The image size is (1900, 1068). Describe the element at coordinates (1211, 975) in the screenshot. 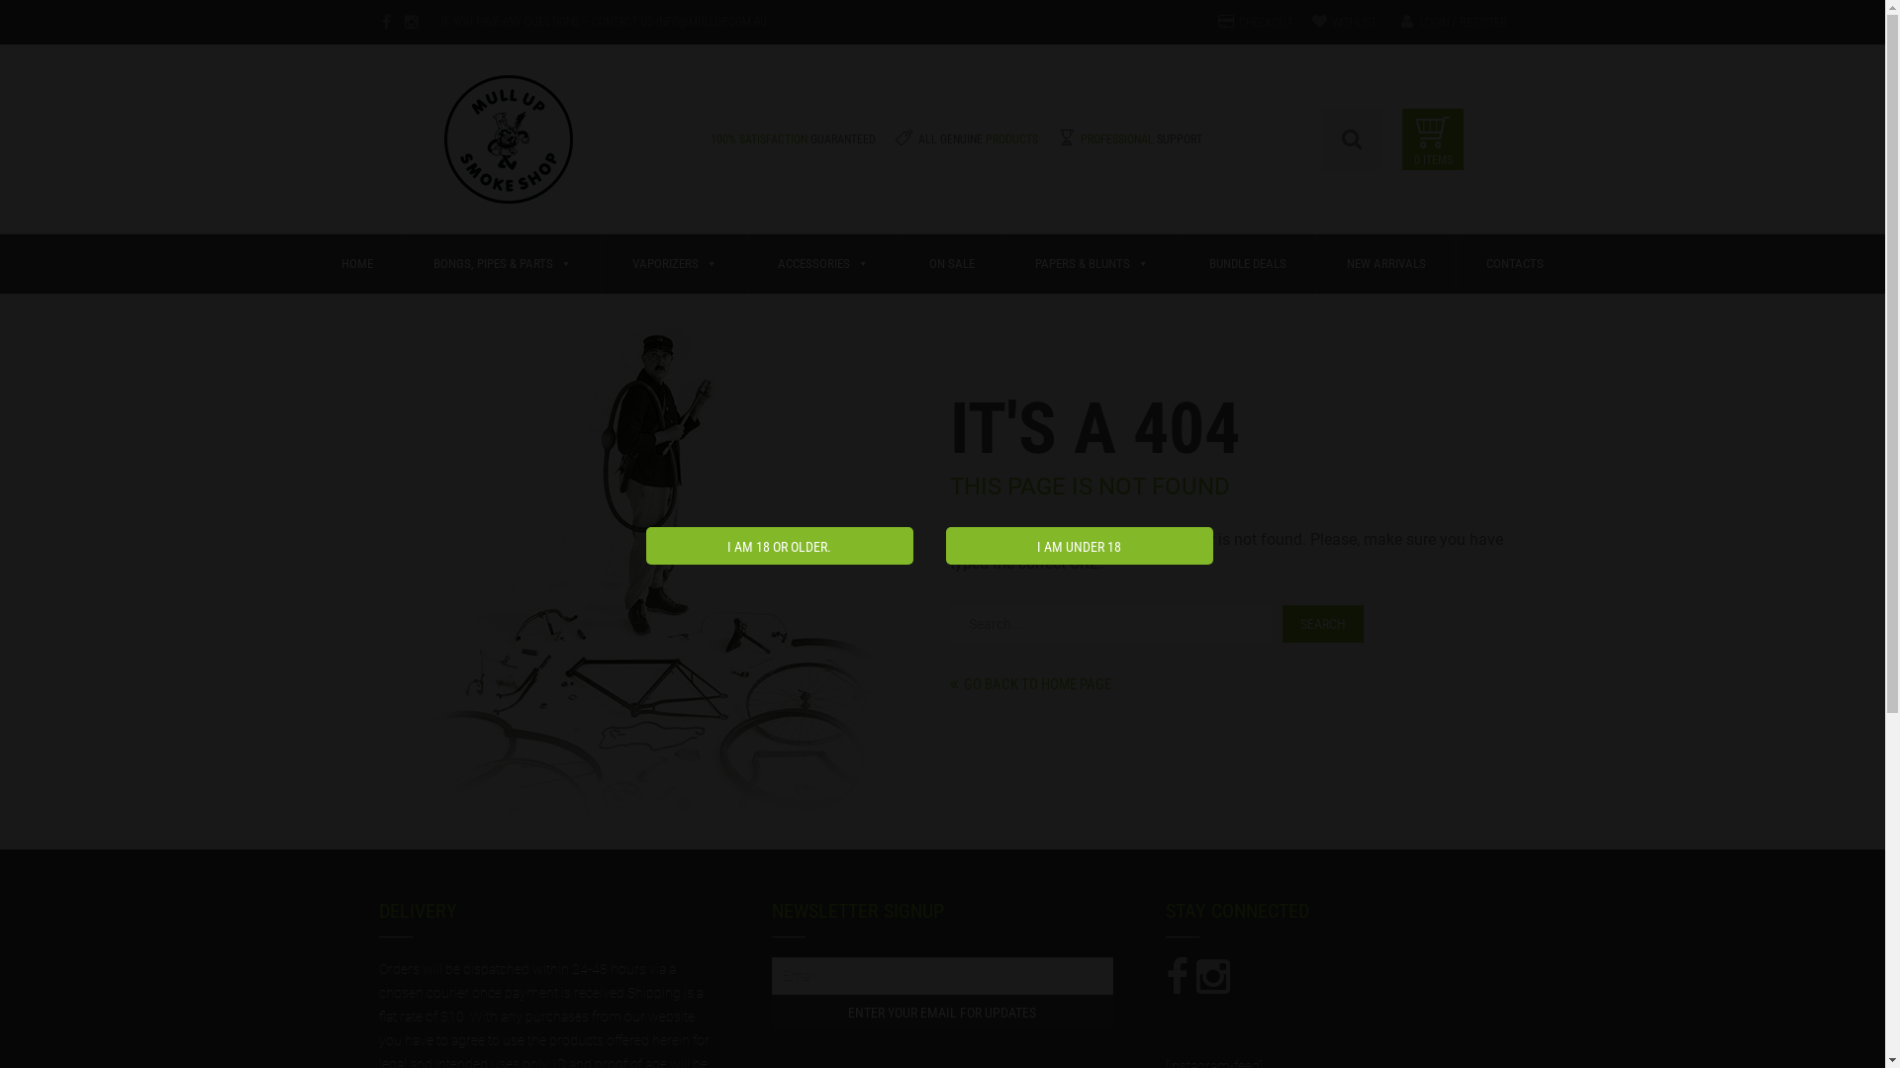

I see `'Connect us'` at that location.